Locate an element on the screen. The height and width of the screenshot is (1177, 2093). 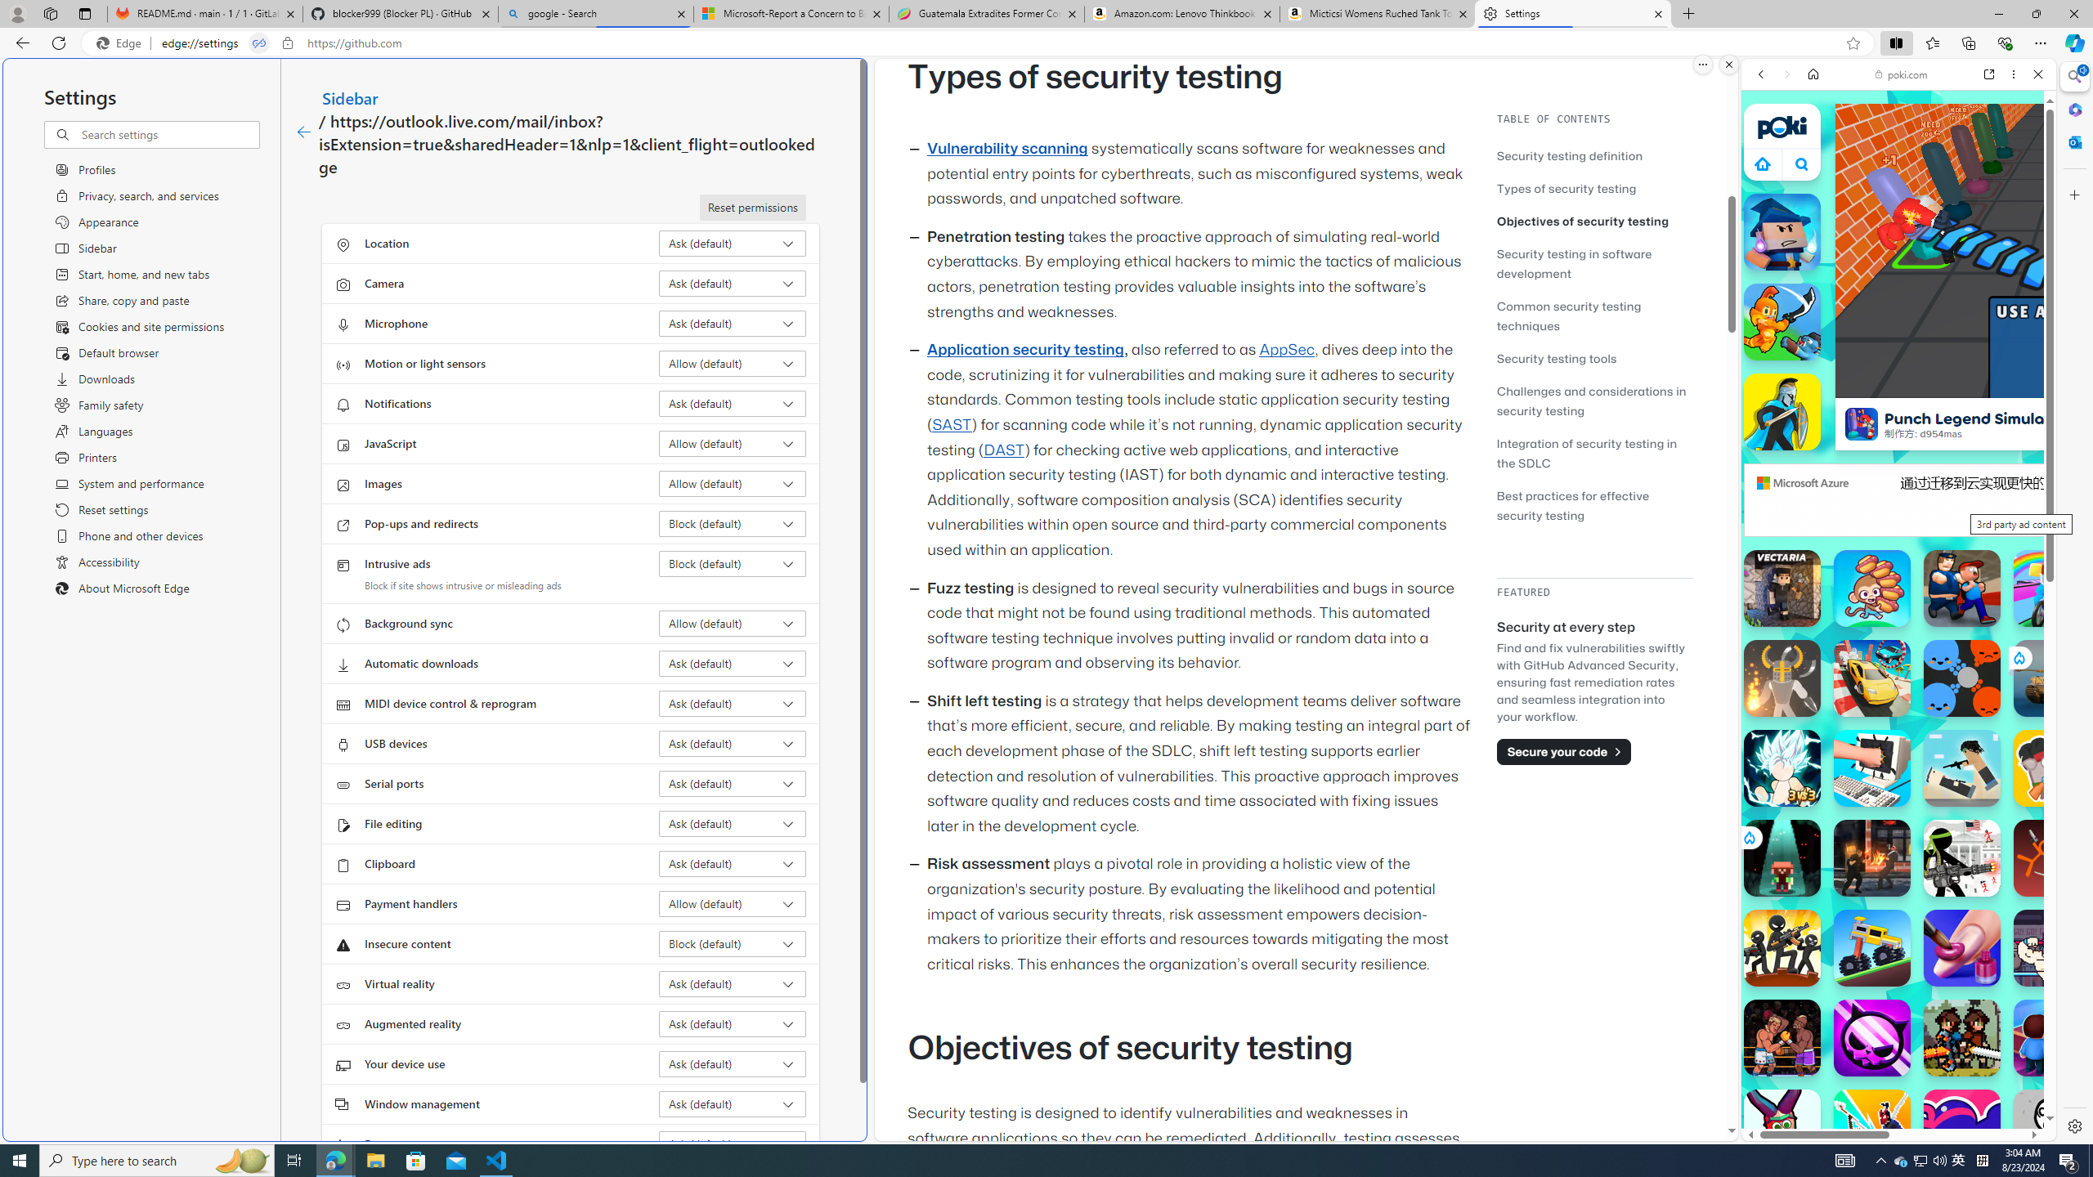
'Class: B_5ykBA46kDOxiz_R9wm' is located at coordinates (1802, 163).